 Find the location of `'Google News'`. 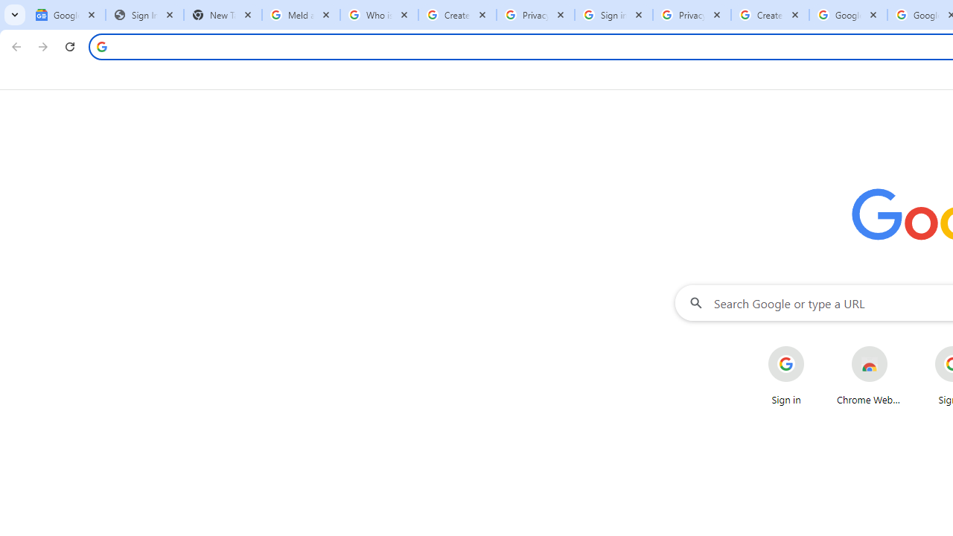

'Google News' is located at coordinates (66, 15).